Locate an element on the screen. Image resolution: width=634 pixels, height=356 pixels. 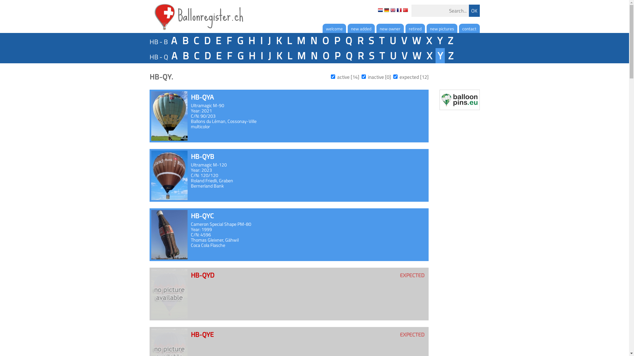
'R' is located at coordinates (360, 41).